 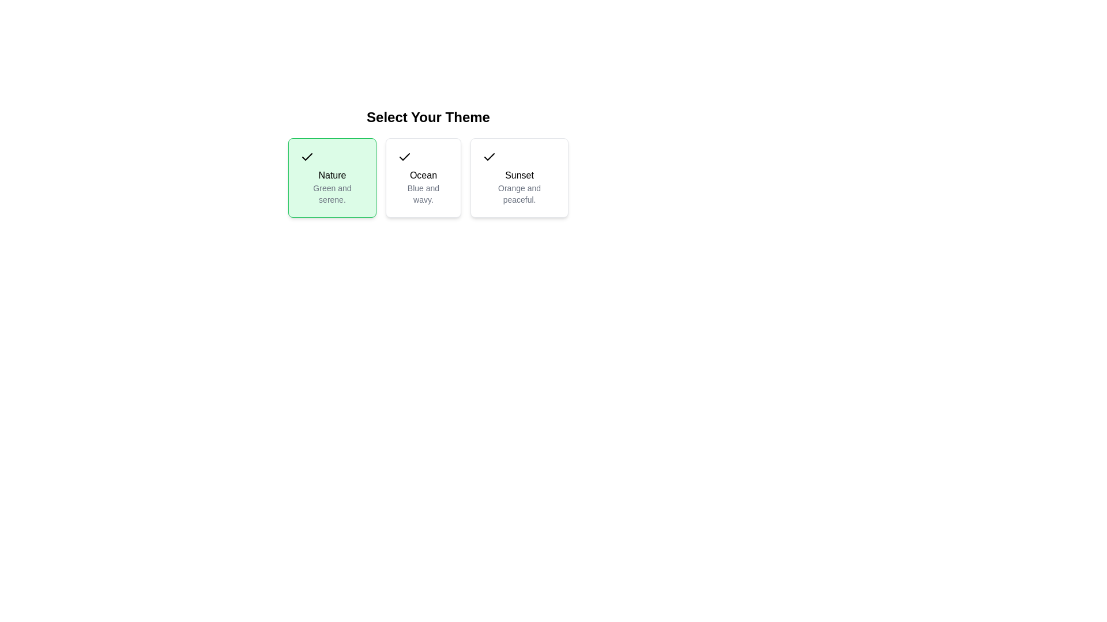 I want to click on the text label that contains 'Orange and peaceful.' which is positioned below the title 'Sunset' in the third option of the selectable themes, so click(x=519, y=193).